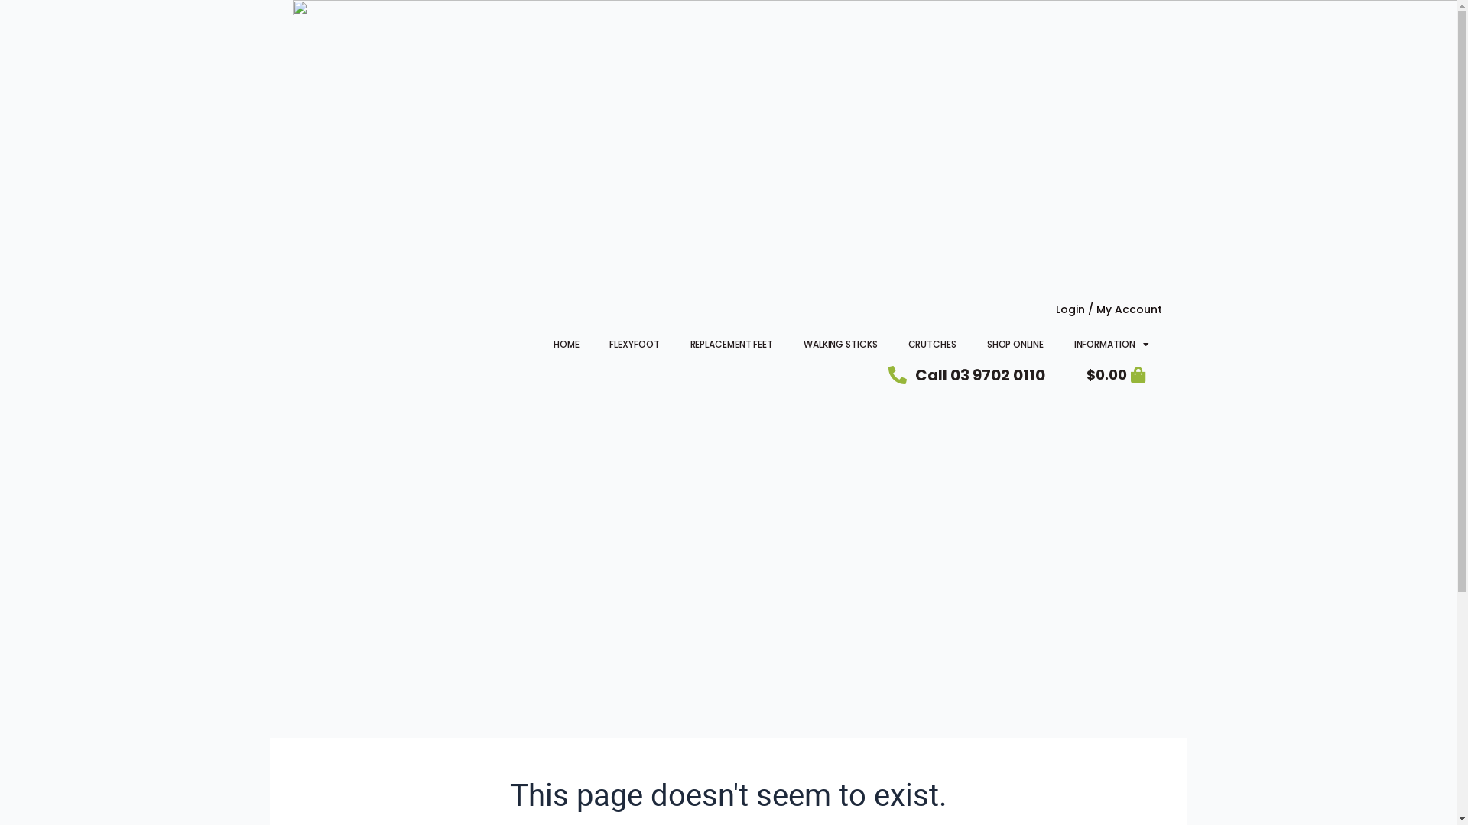 The image size is (1468, 825). I want to click on 'SHOP ONLINE', so click(1015, 345).